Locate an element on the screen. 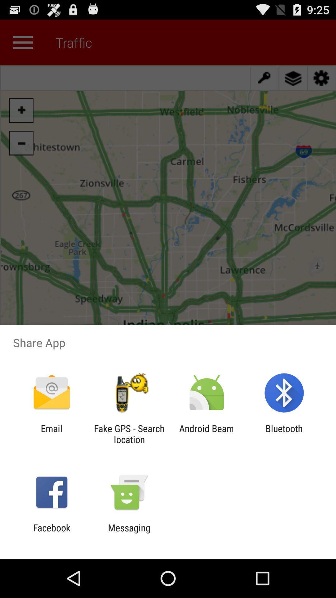 Image resolution: width=336 pixels, height=598 pixels. icon next to the android beam is located at coordinates (284, 434).